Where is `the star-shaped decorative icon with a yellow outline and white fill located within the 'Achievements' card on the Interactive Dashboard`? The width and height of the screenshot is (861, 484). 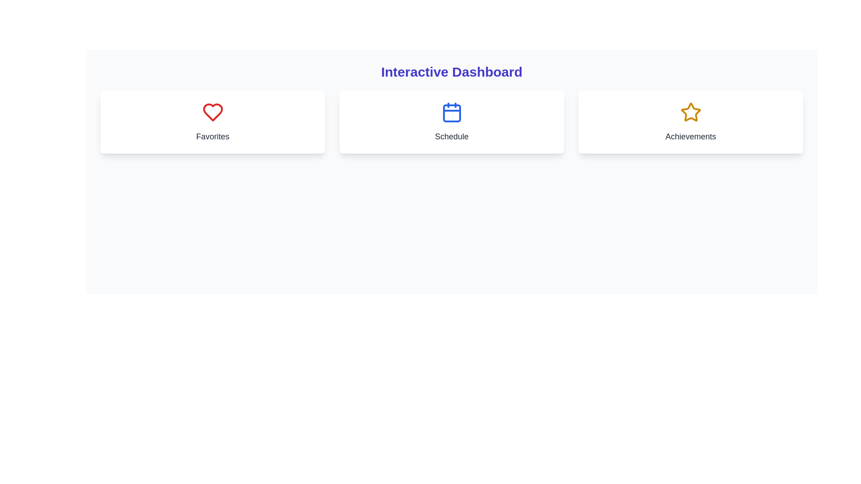 the star-shaped decorative icon with a yellow outline and white fill located within the 'Achievements' card on the Interactive Dashboard is located at coordinates (690, 112).